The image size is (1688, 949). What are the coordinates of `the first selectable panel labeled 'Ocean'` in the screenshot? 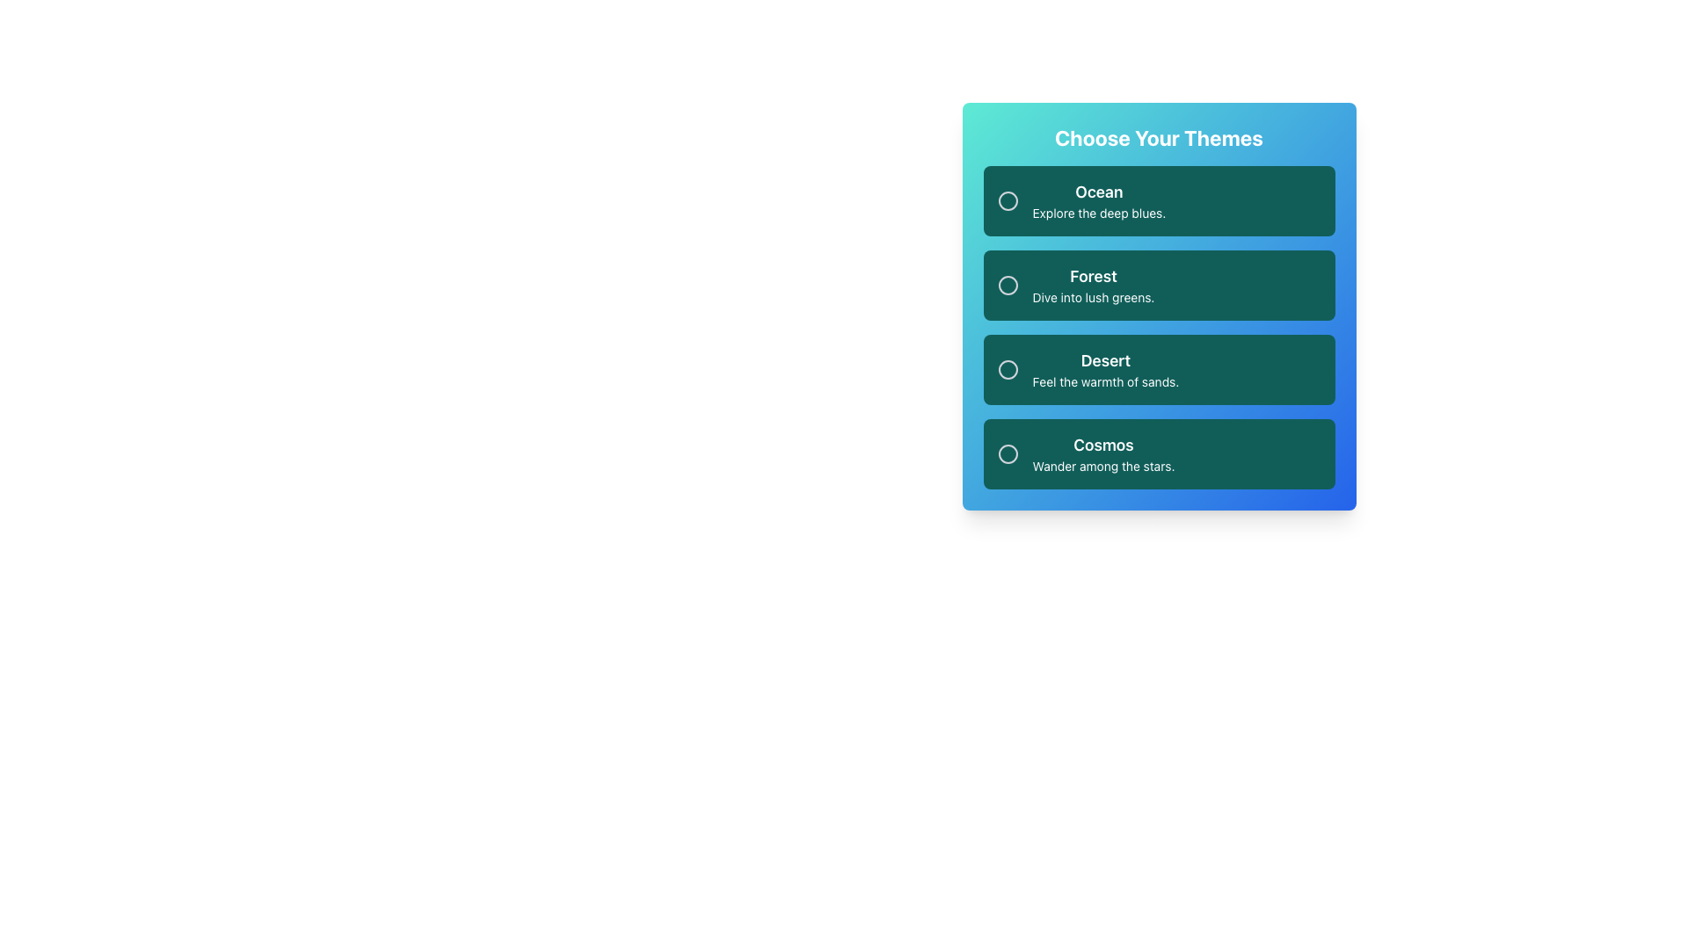 It's located at (1159, 199).